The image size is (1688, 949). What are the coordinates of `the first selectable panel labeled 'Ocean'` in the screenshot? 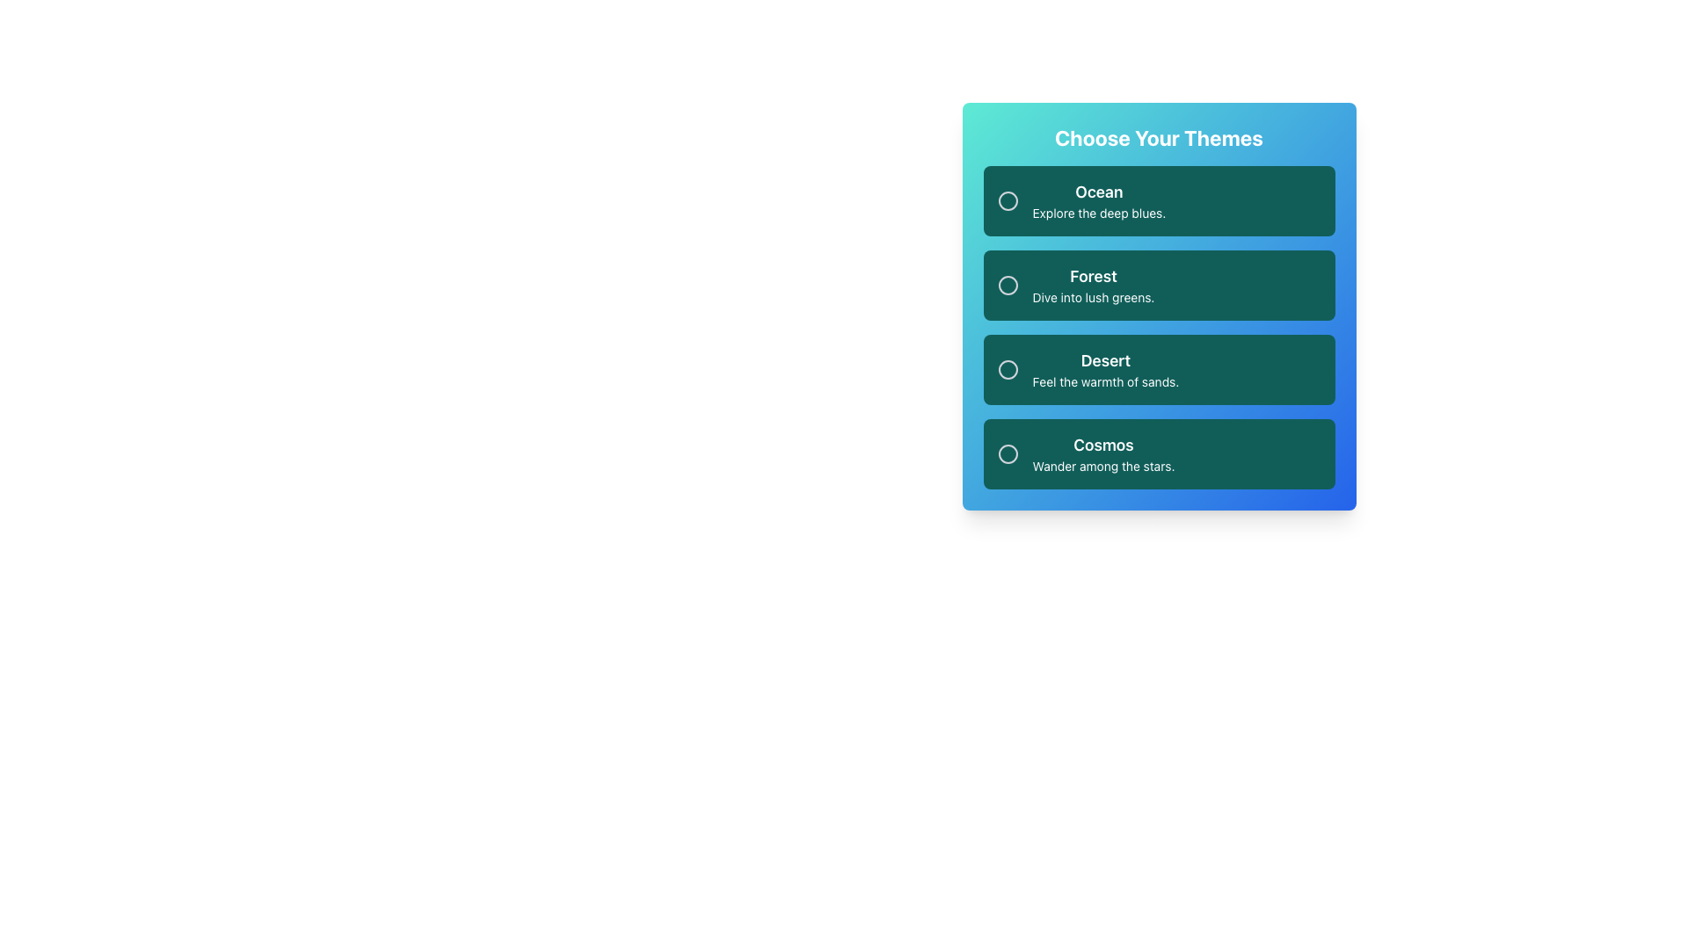 It's located at (1159, 199).